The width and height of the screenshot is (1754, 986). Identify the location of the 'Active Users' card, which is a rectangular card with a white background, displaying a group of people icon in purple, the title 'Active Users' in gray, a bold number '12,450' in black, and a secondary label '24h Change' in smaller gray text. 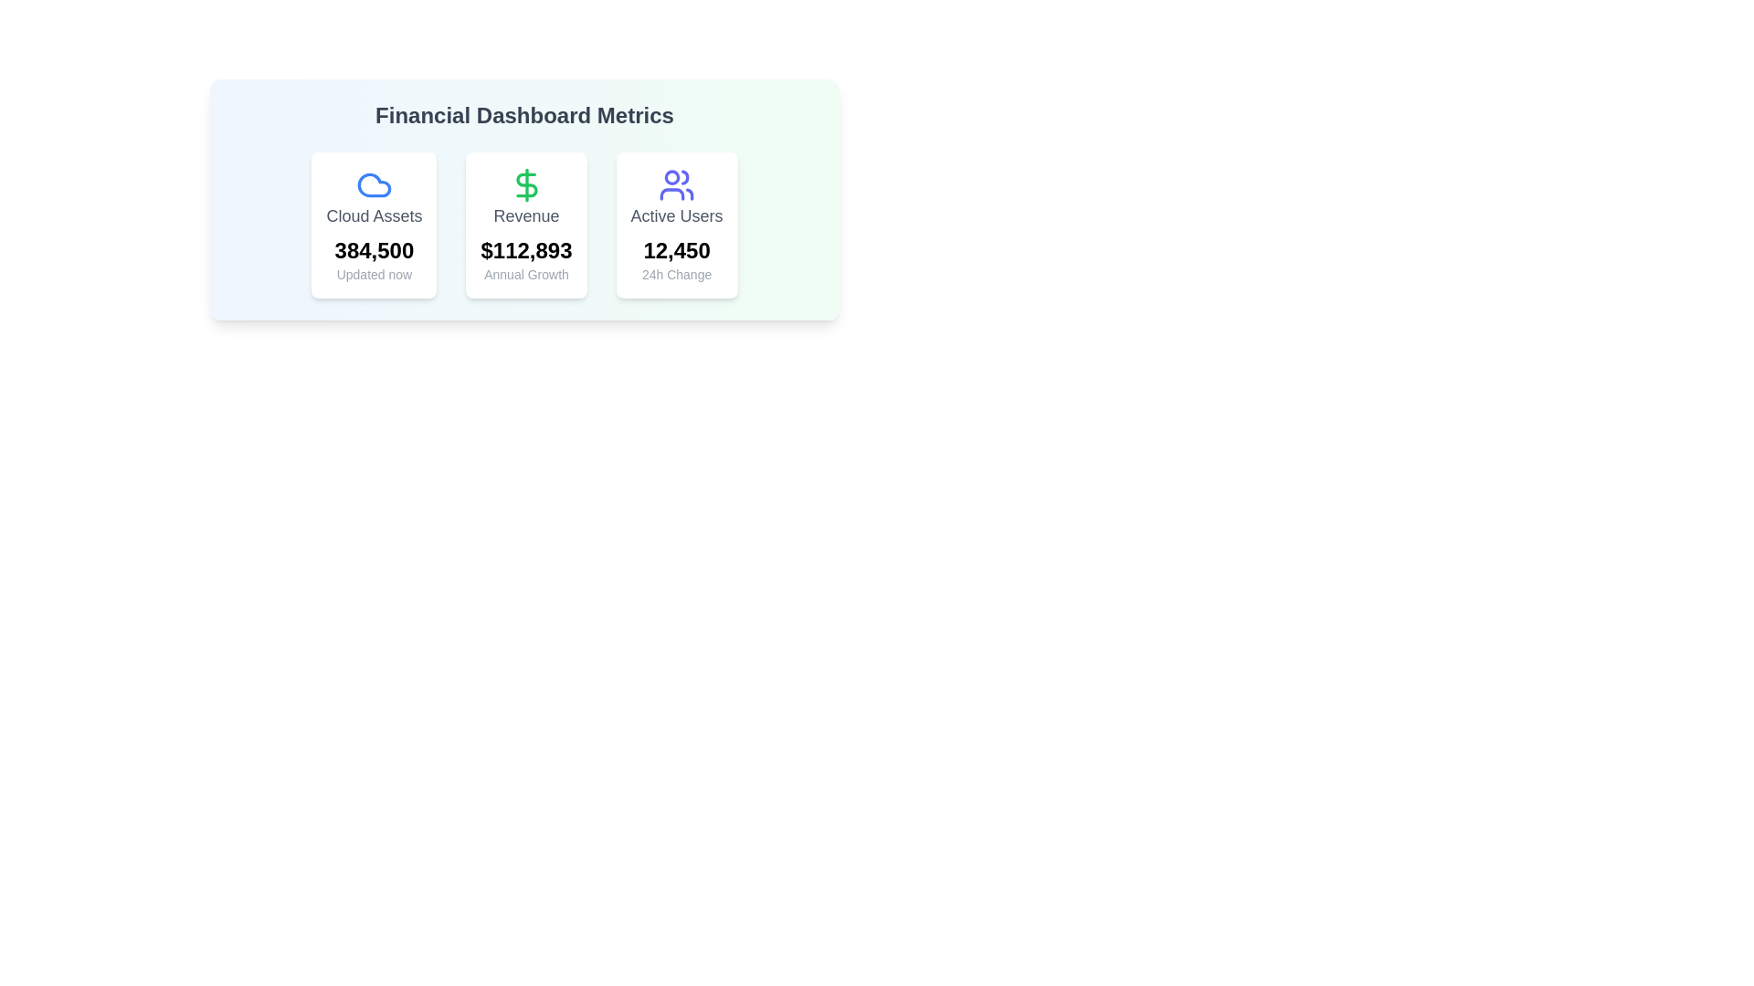
(676, 224).